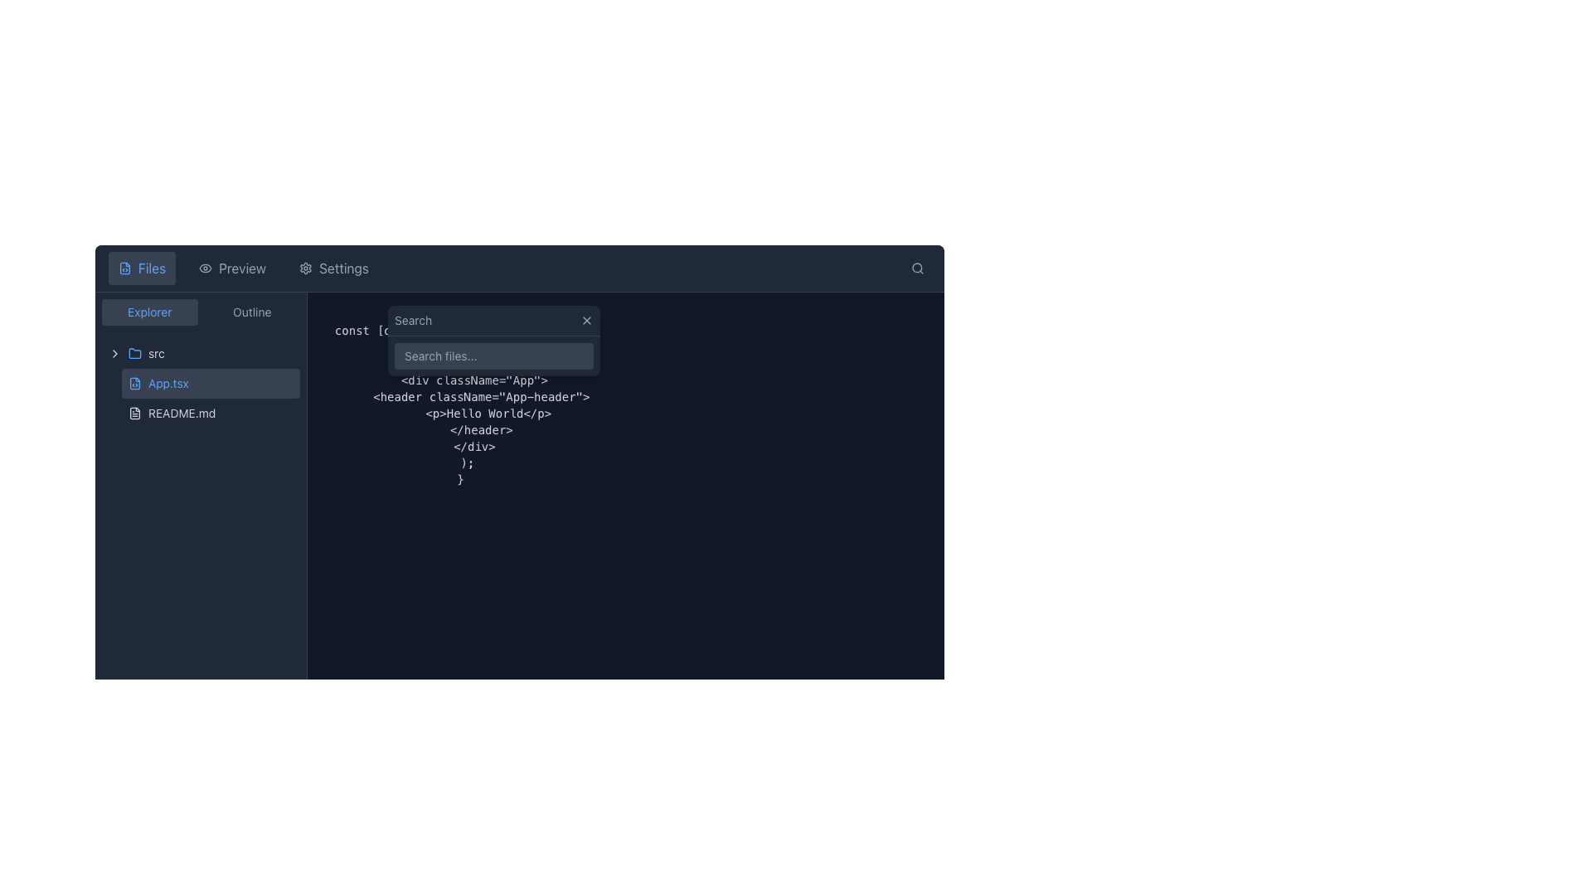 Image resolution: width=1592 pixels, height=895 pixels. Describe the element at coordinates (200, 312) in the screenshot. I see `the 'Outline' button of the toggle navigation element` at that location.